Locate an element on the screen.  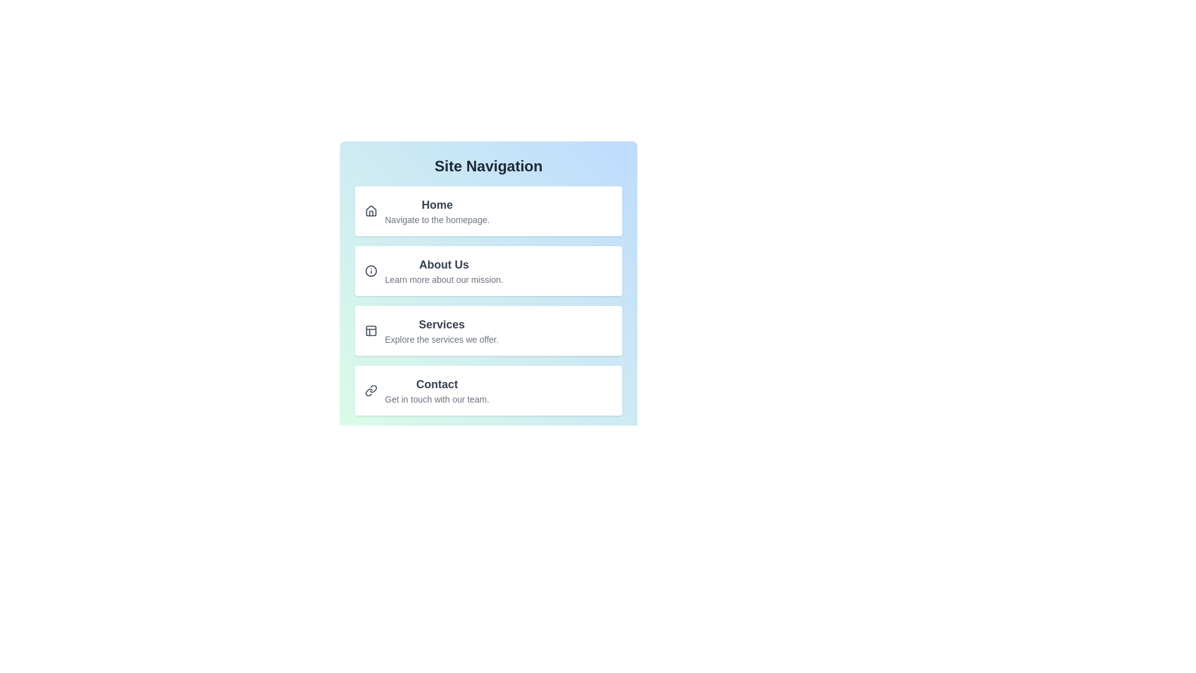
the supplementary information text label below the 'Home' navigation item, which indicates that clicking 'Home' will lead to the homepage is located at coordinates (437, 219).